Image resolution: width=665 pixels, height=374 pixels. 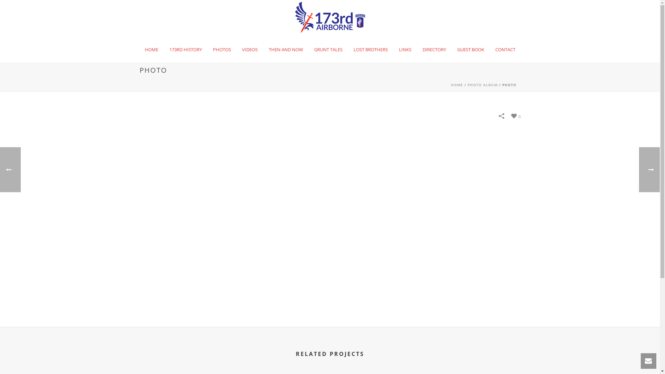 I want to click on '173rd', so click(x=330, y=17).